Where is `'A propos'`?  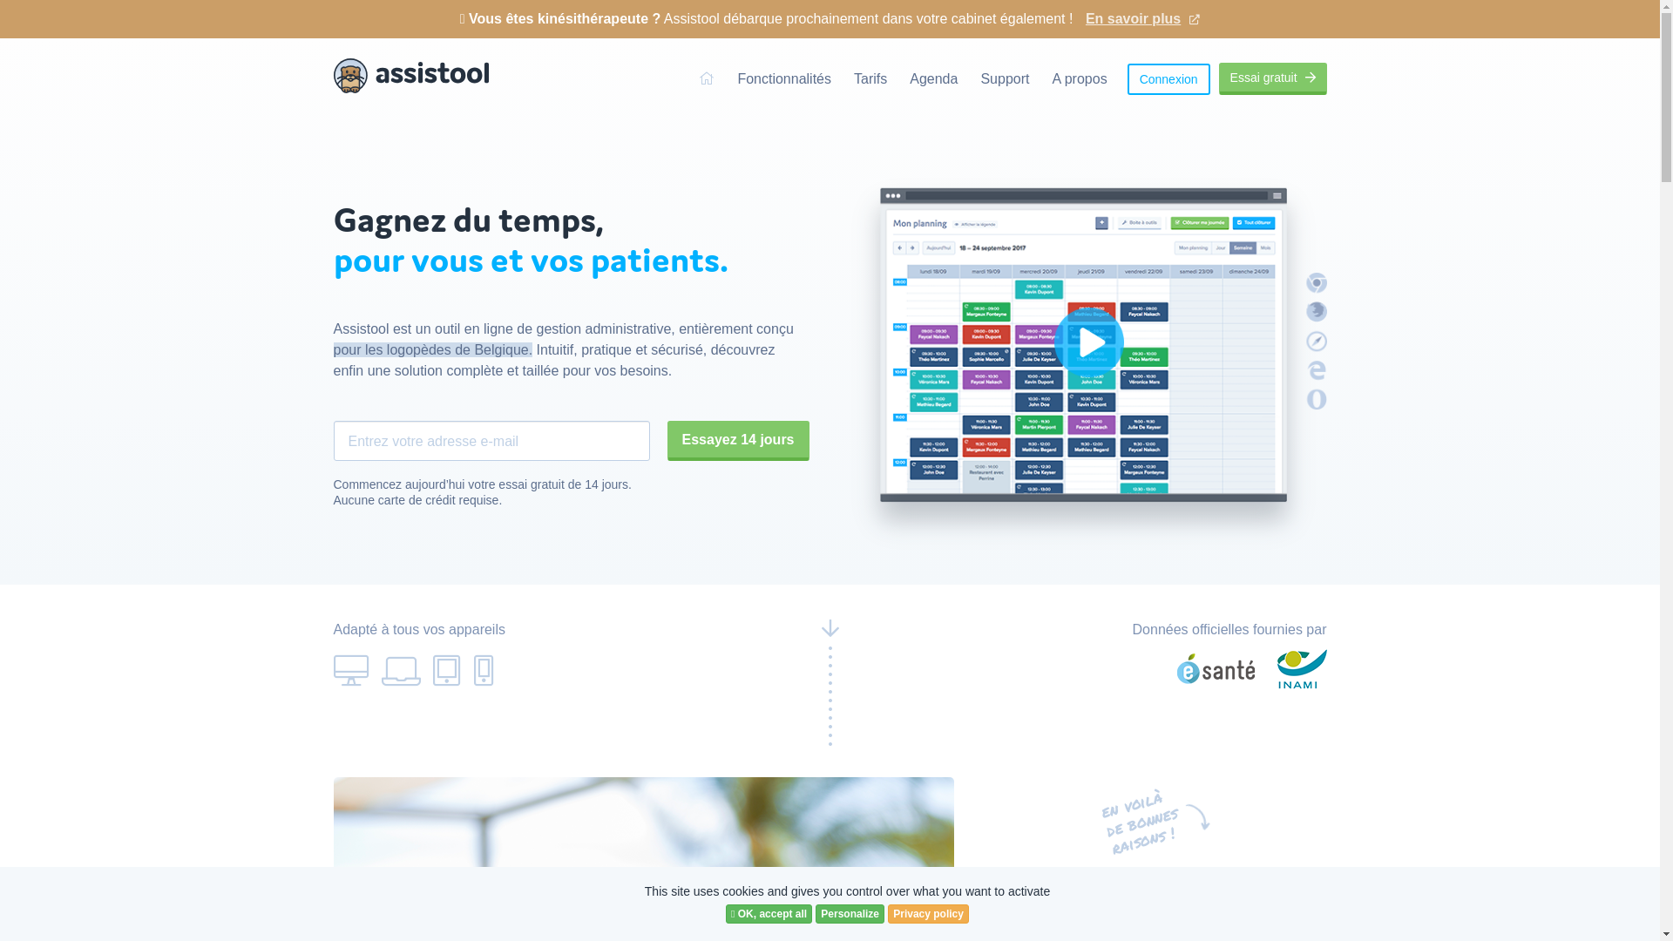
'A propos' is located at coordinates (1050, 78).